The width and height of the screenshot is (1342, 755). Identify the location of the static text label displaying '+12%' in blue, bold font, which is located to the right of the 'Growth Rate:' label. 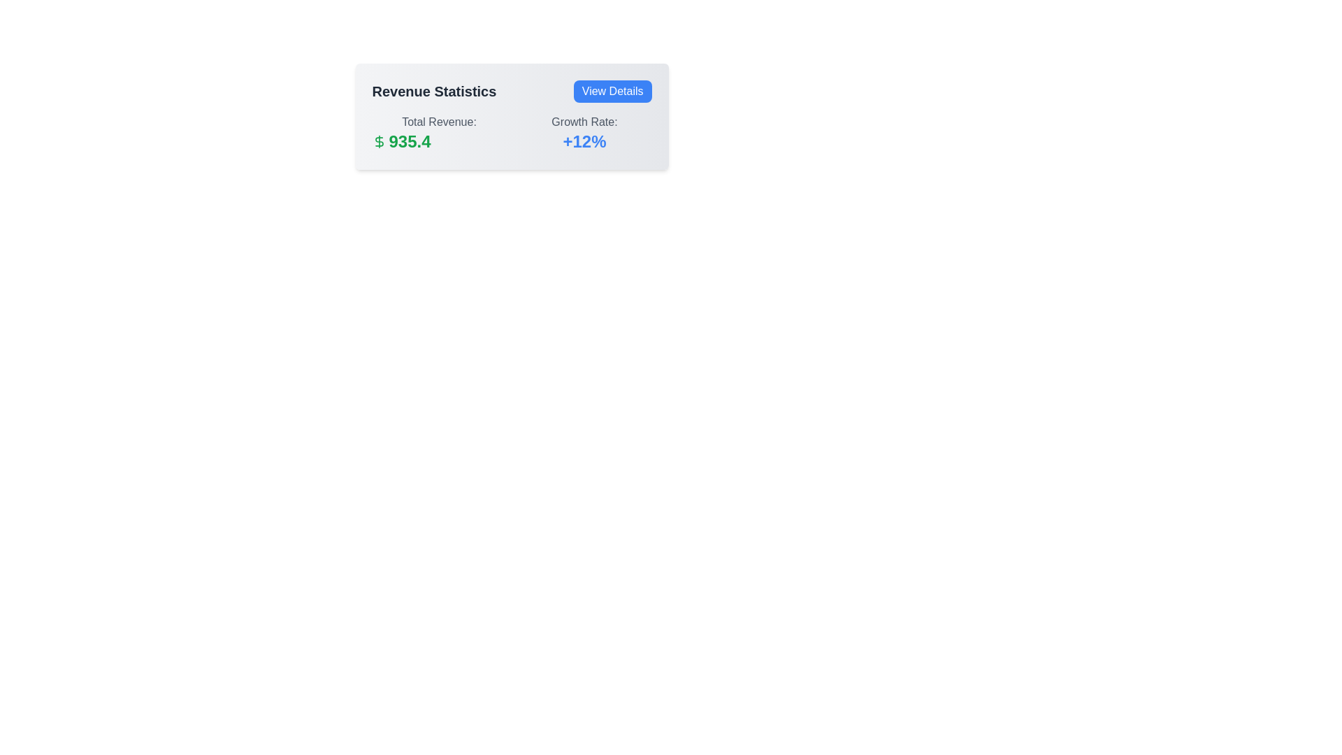
(584, 142).